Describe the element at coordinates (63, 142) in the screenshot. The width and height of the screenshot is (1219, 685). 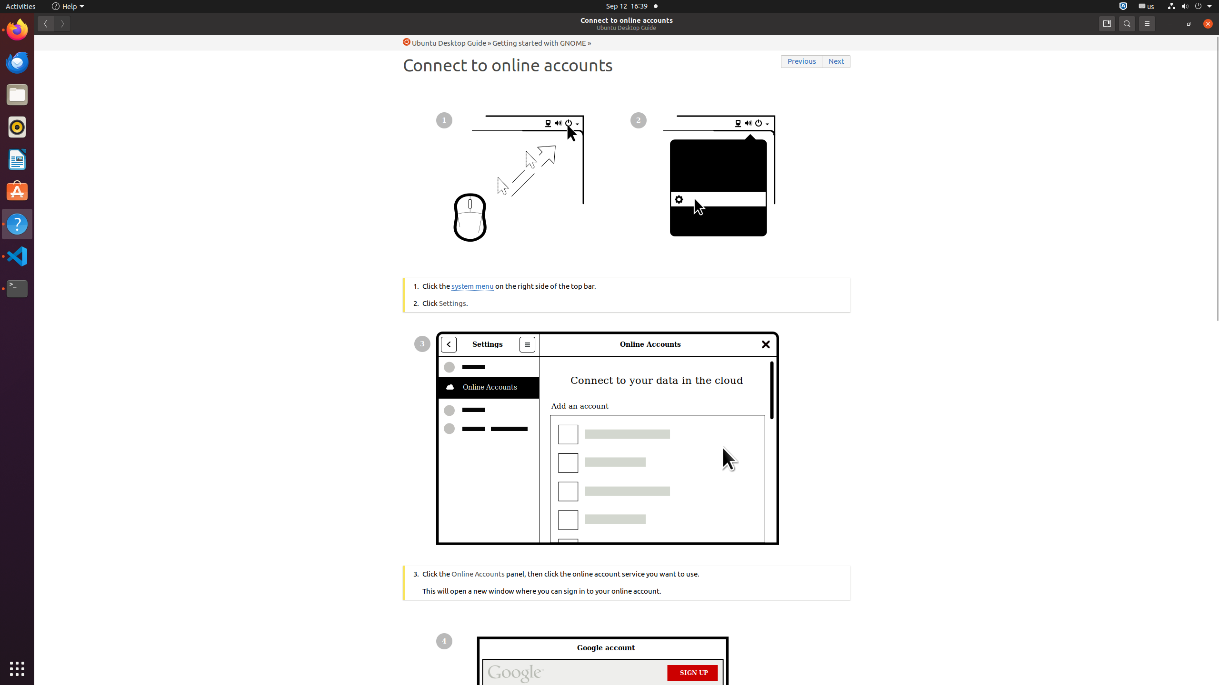
I see `'IsaHelpMain.desktop'` at that location.